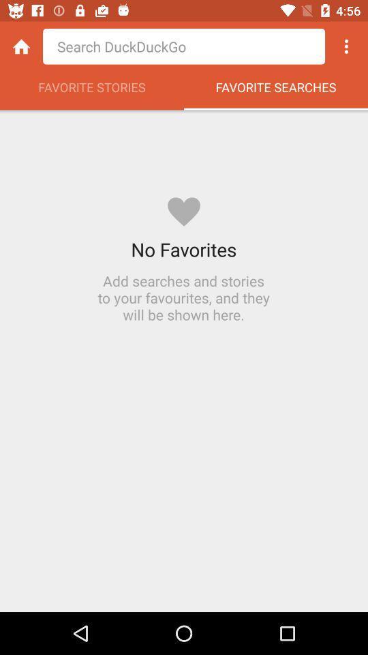 This screenshot has height=655, width=368. What do you see at coordinates (20, 46) in the screenshot?
I see `go home` at bounding box center [20, 46].